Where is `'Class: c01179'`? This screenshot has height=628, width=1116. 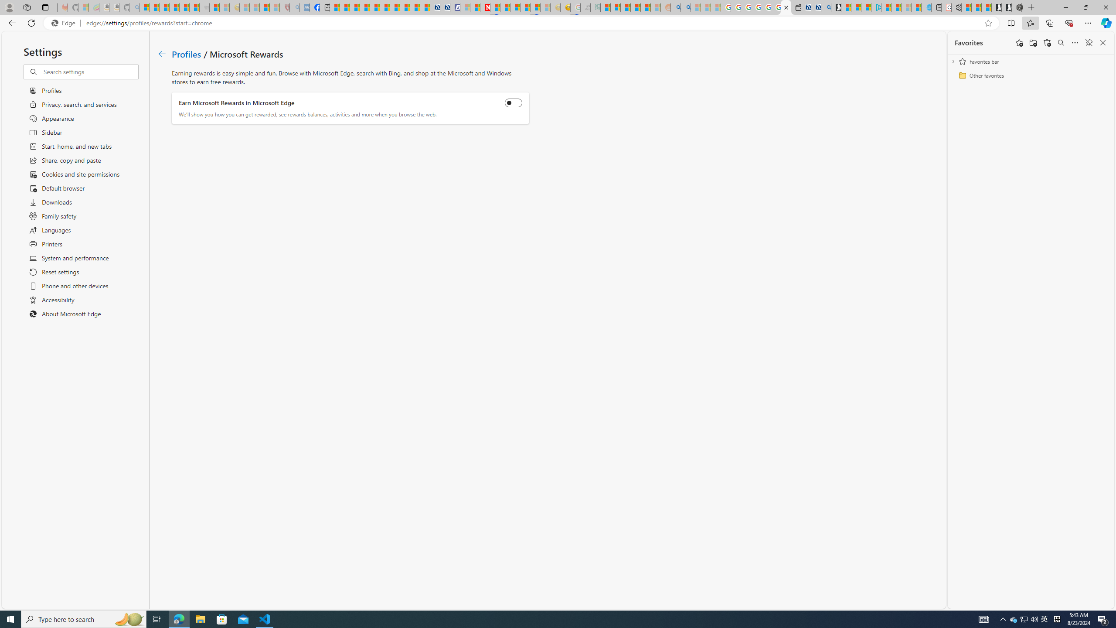 'Class: c01179' is located at coordinates (161, 53).